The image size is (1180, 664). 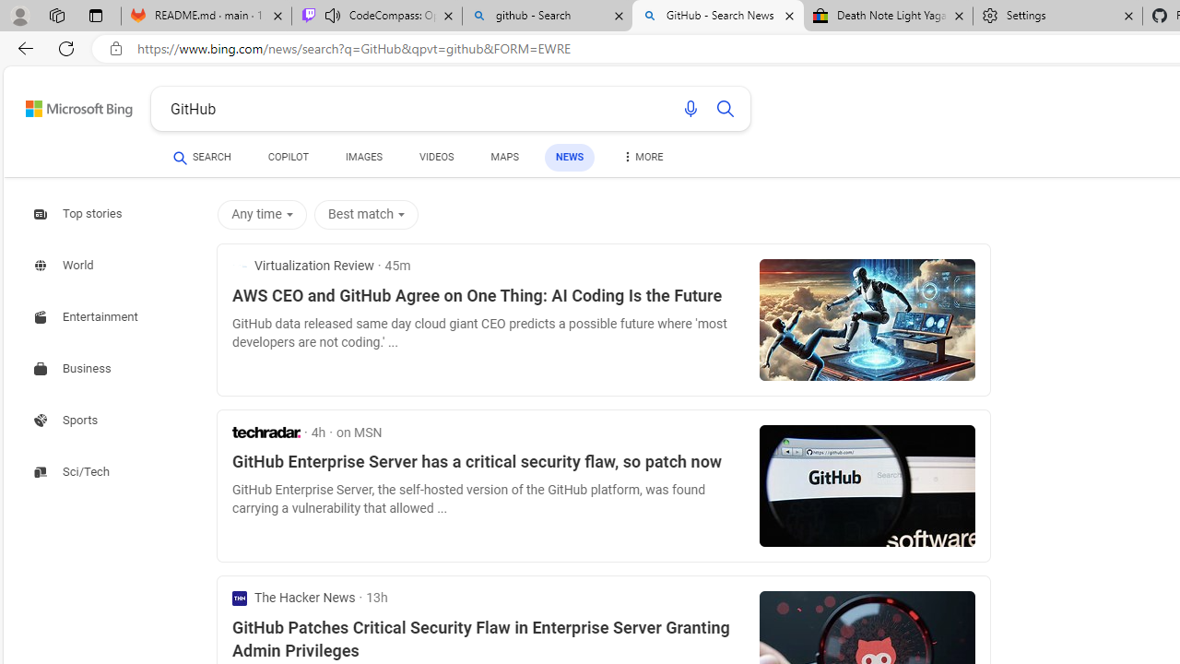 I want to click on 'Best match', so click(x=369, y=213).